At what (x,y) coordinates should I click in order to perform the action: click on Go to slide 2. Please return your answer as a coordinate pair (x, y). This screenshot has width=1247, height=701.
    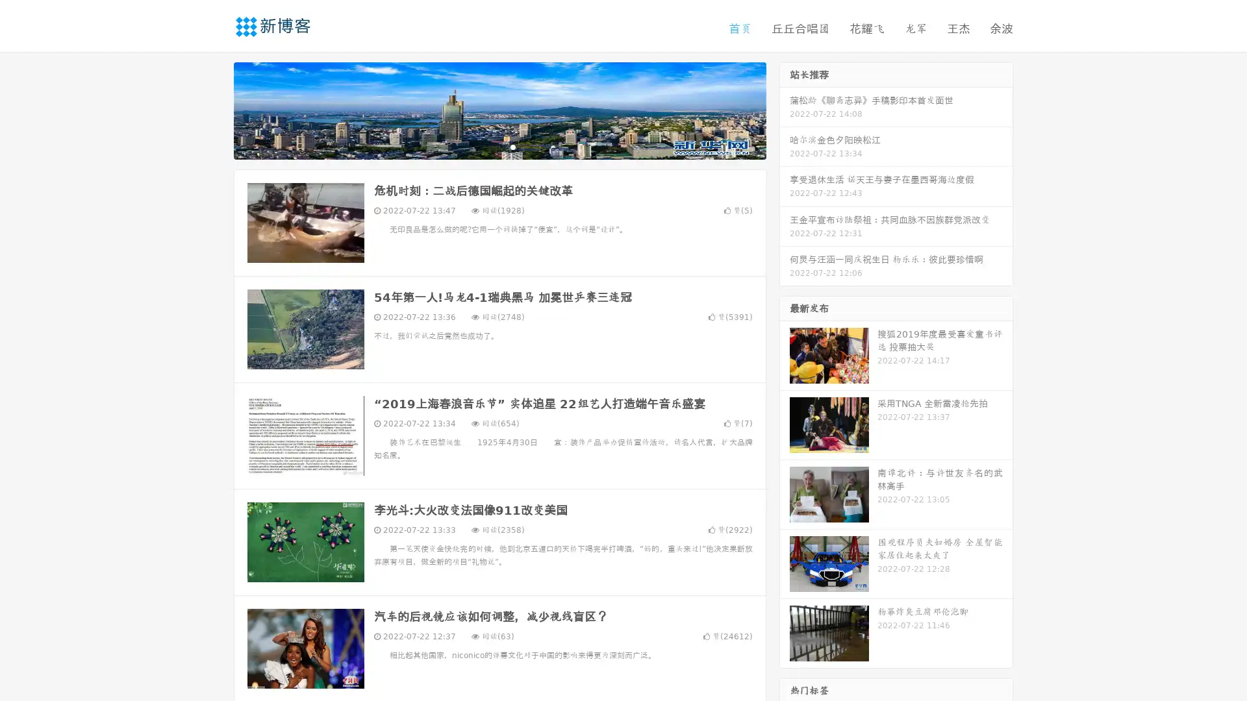
    Looking at the image, I should click on (499, 146).